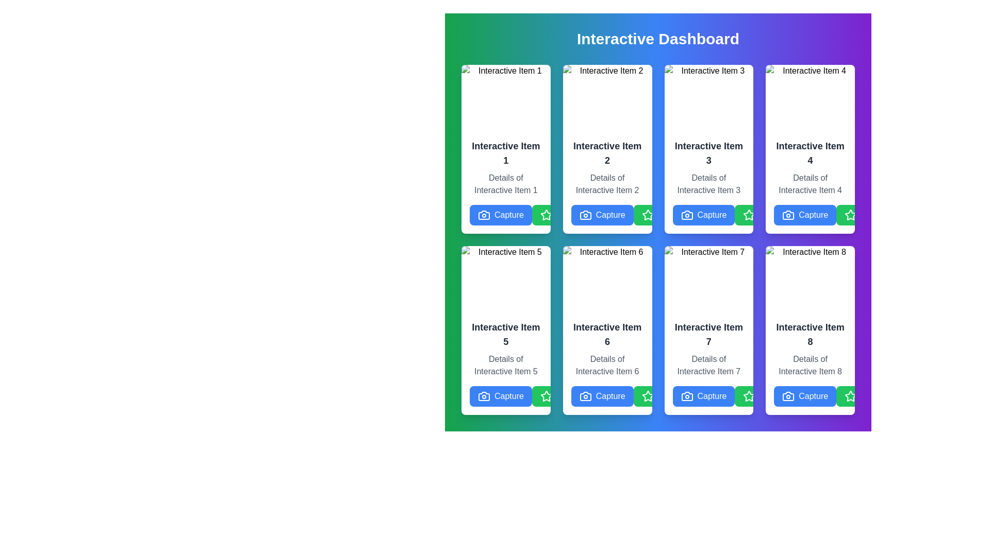 The height and width of the screenshot is (556, 990). What do you see at coordinates (647, 396) in the screenshot?
I see `the star icon located in the bottom-right corner of the sixth card in the grid layout to mark the associated item as a favorite` at bounding box center [647, 396].